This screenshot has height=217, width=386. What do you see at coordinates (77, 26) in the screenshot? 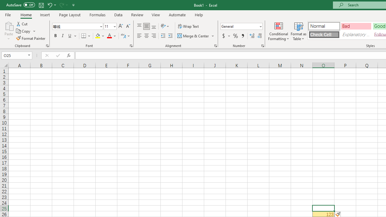
I see `'Font'` at bounding box center [77, 26].